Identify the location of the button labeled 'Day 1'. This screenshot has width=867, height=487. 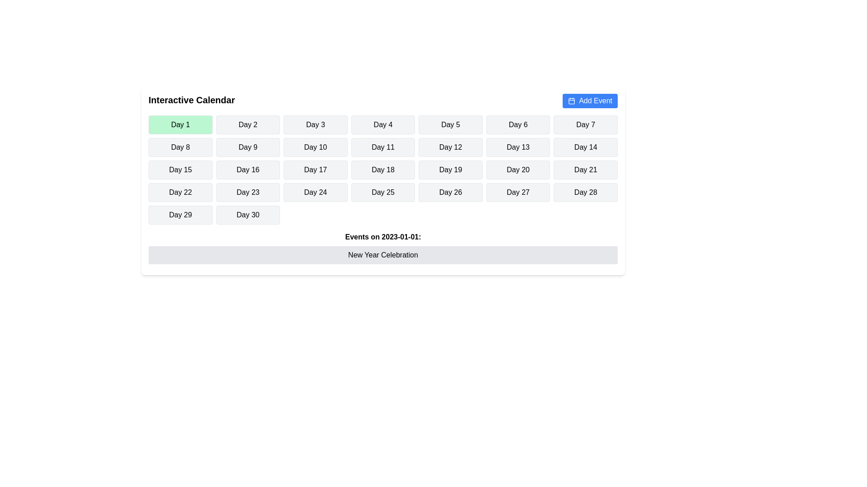
(180, 125).